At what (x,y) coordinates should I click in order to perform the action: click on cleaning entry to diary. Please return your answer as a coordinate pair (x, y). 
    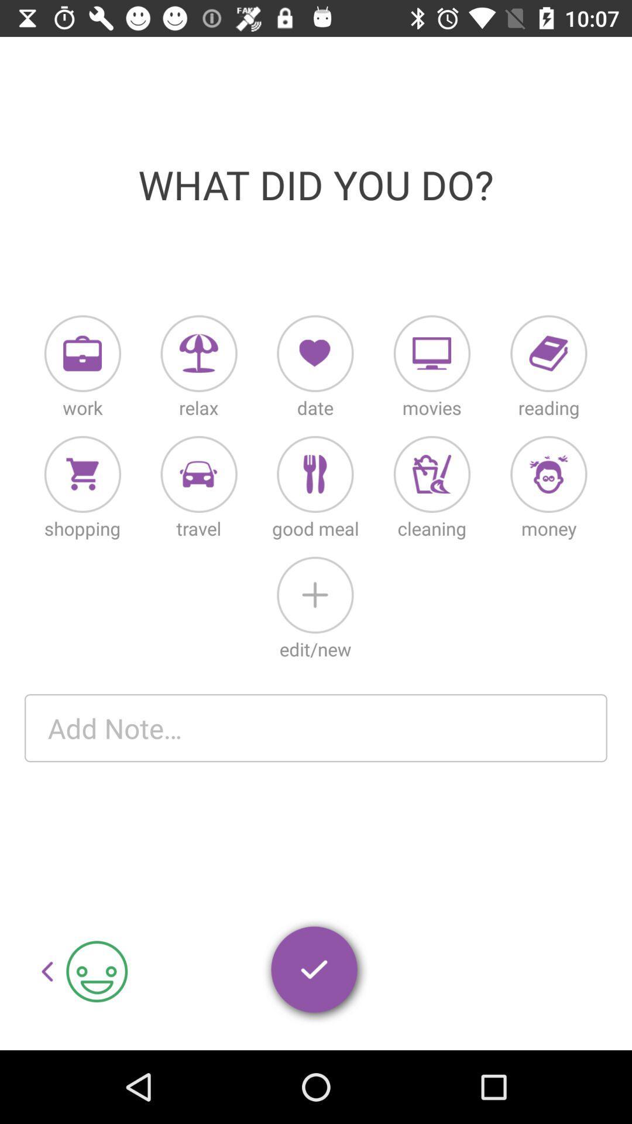
    Looking at the image, I should click on (432, 474).